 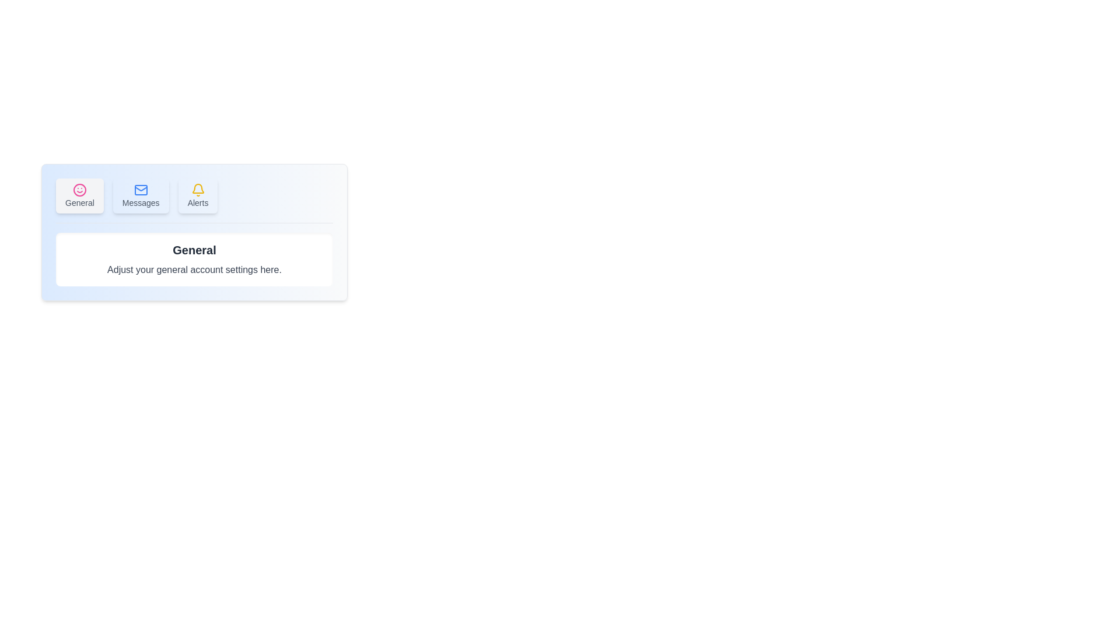 What do you see at coordinates (198, 195) in the screenshot?
I see `the Alerts tab by clicking on its button` at bounding box center [198, 195].